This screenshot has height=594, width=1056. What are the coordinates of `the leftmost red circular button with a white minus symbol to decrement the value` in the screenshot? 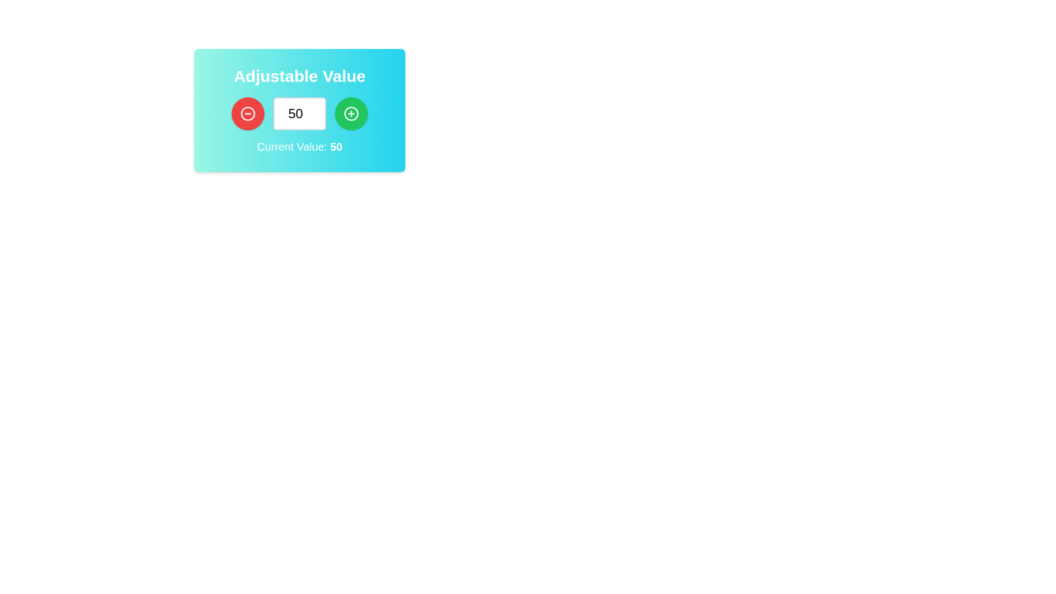 It's located at (248, 114).